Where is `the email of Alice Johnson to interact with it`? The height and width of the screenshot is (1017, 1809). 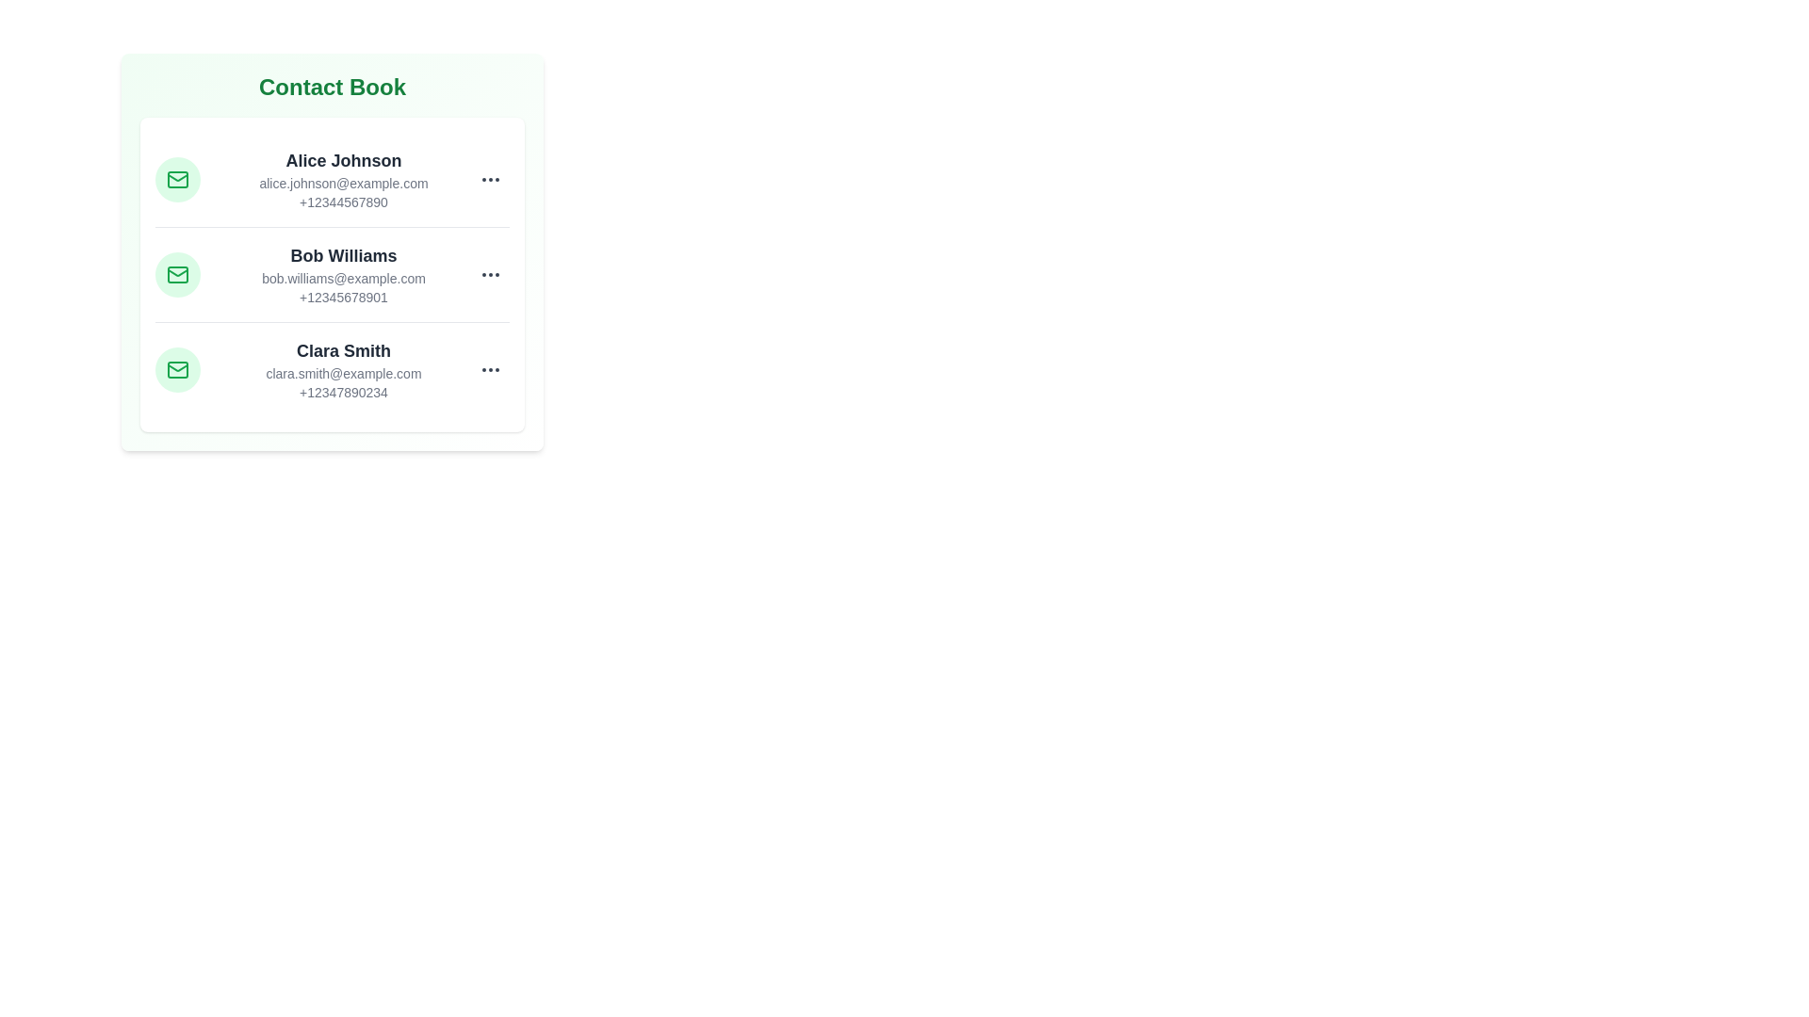
the email of Alice Johnson to interact with it is located at coordinates (343, 184).